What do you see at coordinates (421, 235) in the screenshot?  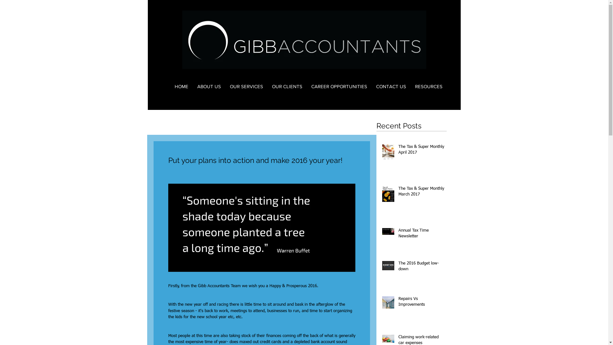 I see `'Annual Tax Time Newsletter'` at bounding box center [421, 235].